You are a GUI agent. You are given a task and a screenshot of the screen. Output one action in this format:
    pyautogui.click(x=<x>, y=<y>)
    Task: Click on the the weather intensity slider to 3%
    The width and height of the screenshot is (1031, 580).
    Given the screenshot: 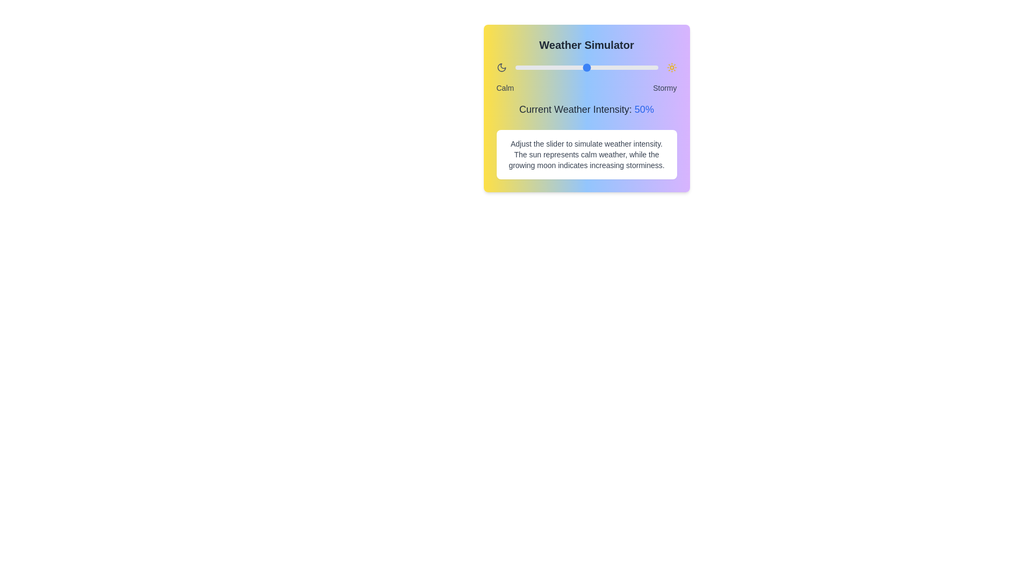 What is the action you would take?
    pyautogui.click(x=519, y=68)
    